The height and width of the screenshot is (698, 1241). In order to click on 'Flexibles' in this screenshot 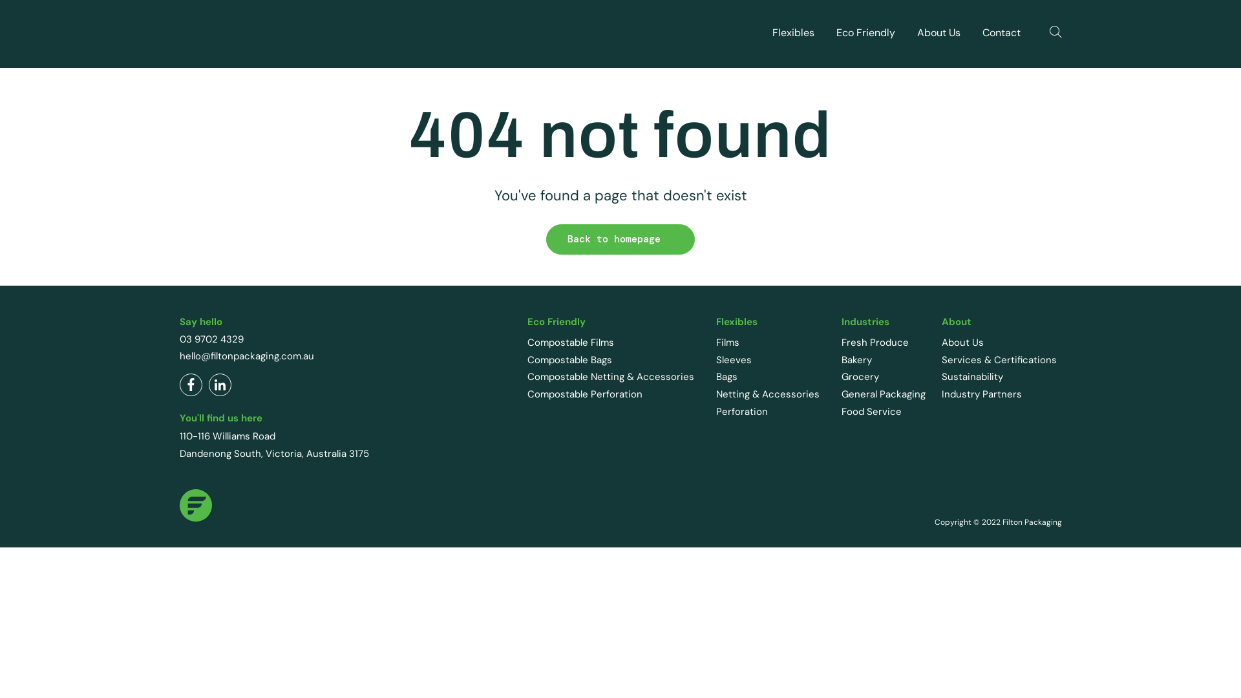, I will do `click(772, 32)`.